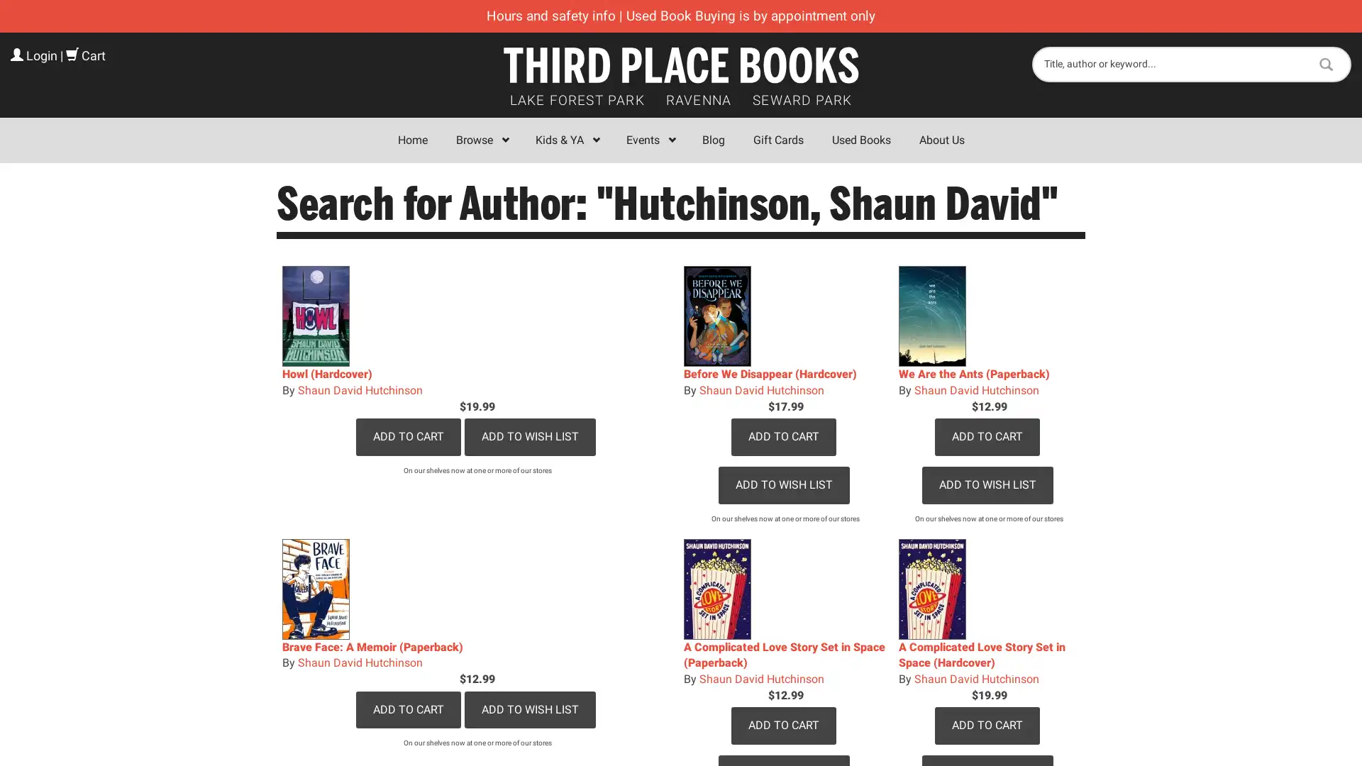 The image size is (1362, 766). What do you see at coordinates (782, 484) in the screenshot?
I see `Add to Wish List` at bounding box center [782, 484].